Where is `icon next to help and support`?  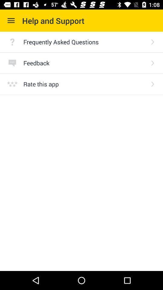 icon next to help and support is located at coordinates (11, 21).